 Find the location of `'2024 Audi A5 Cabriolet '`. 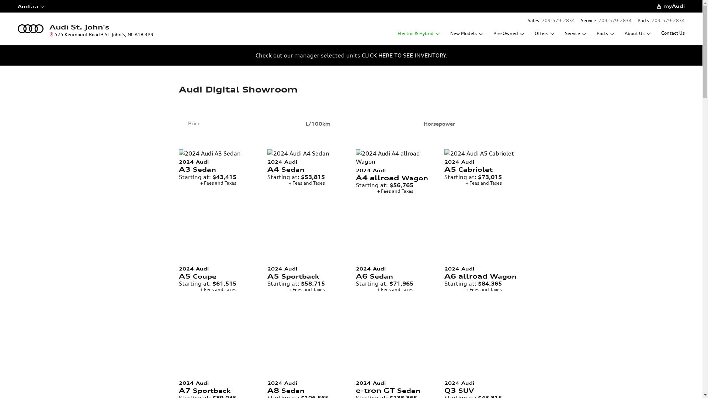

'2024 Audi A5 Cabriolet ' is located at coordinates (483, 153).